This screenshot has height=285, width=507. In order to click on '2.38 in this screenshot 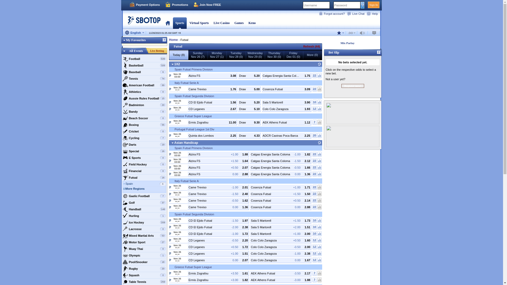, I will do `click(218, 227)`.